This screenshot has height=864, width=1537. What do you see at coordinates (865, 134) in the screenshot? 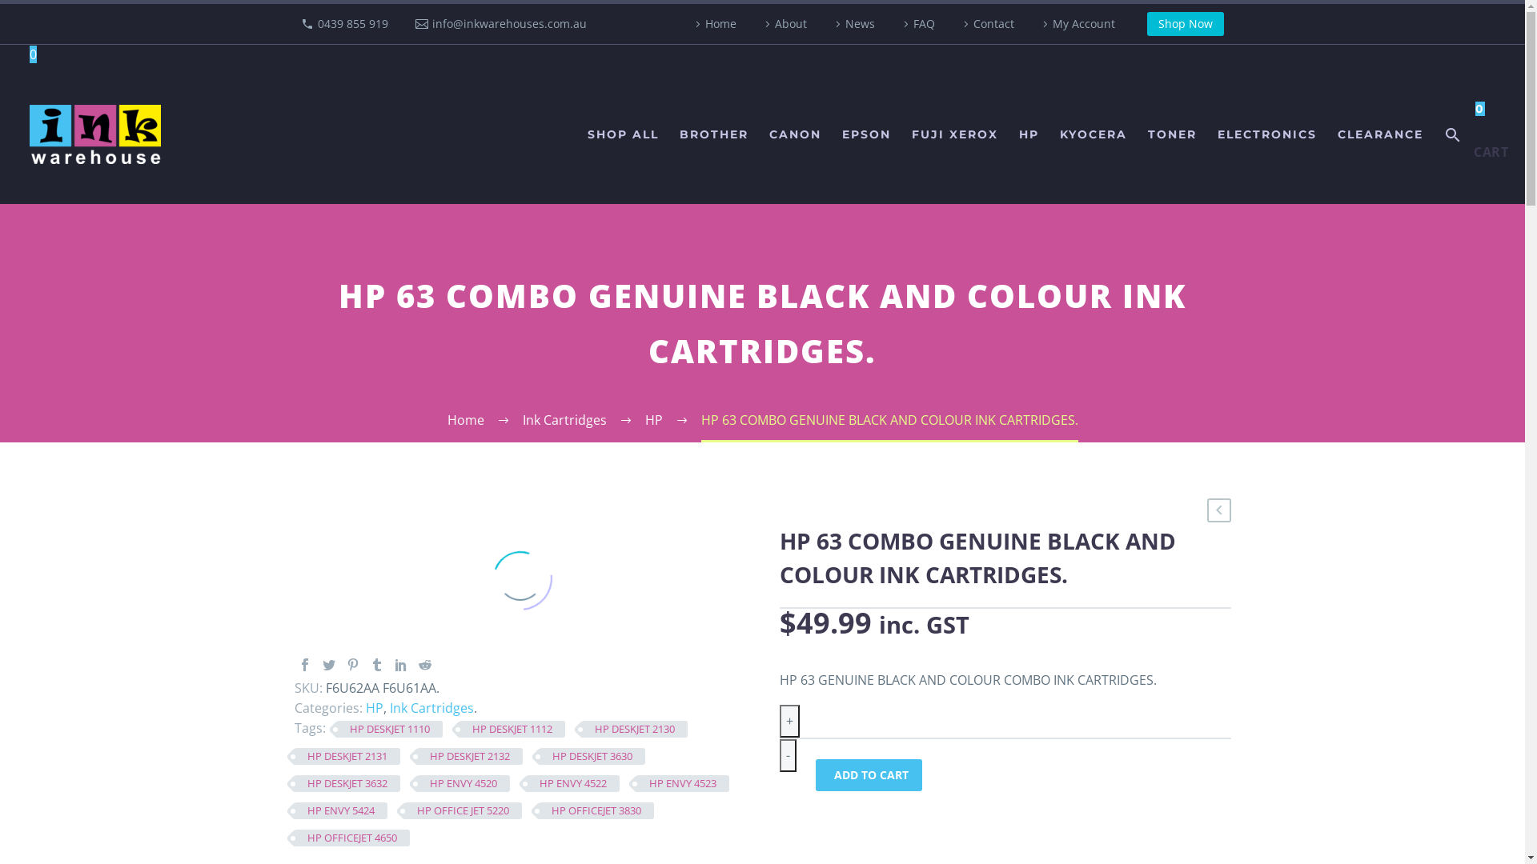
I see `'EPSON'` at bounding box center [865, 134].